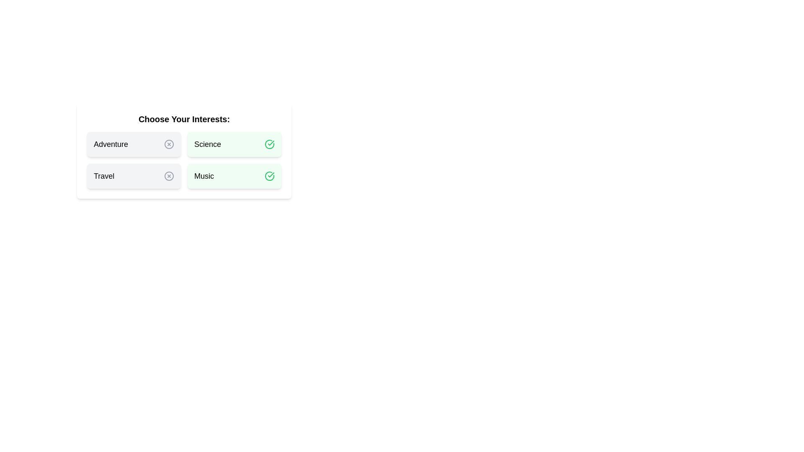 The image size is (804, 452). I want to click on the chip labeled Science, so click(234, 144).